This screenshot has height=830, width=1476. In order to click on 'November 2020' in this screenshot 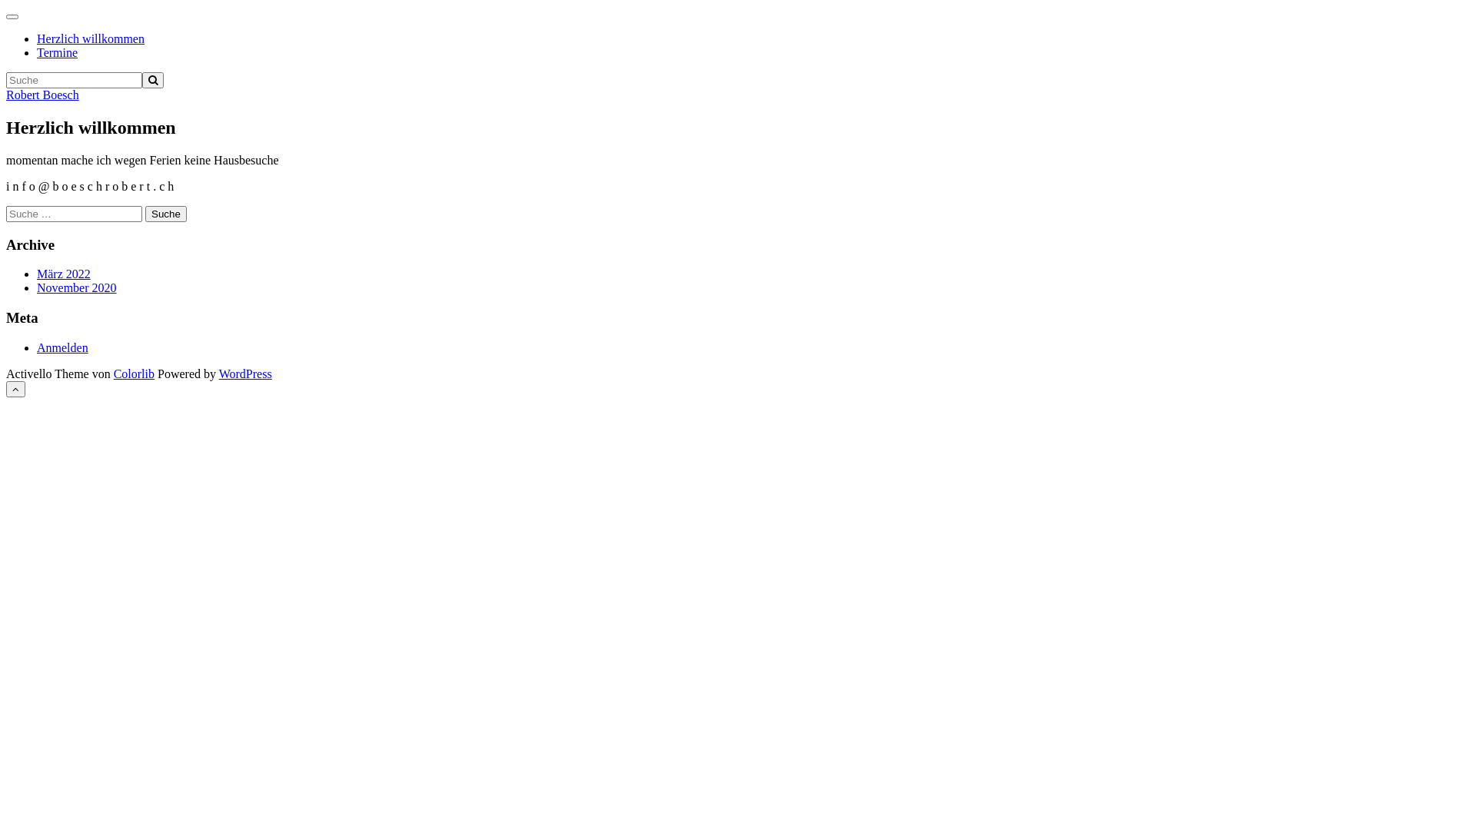, I will do `click(76, 287)`.